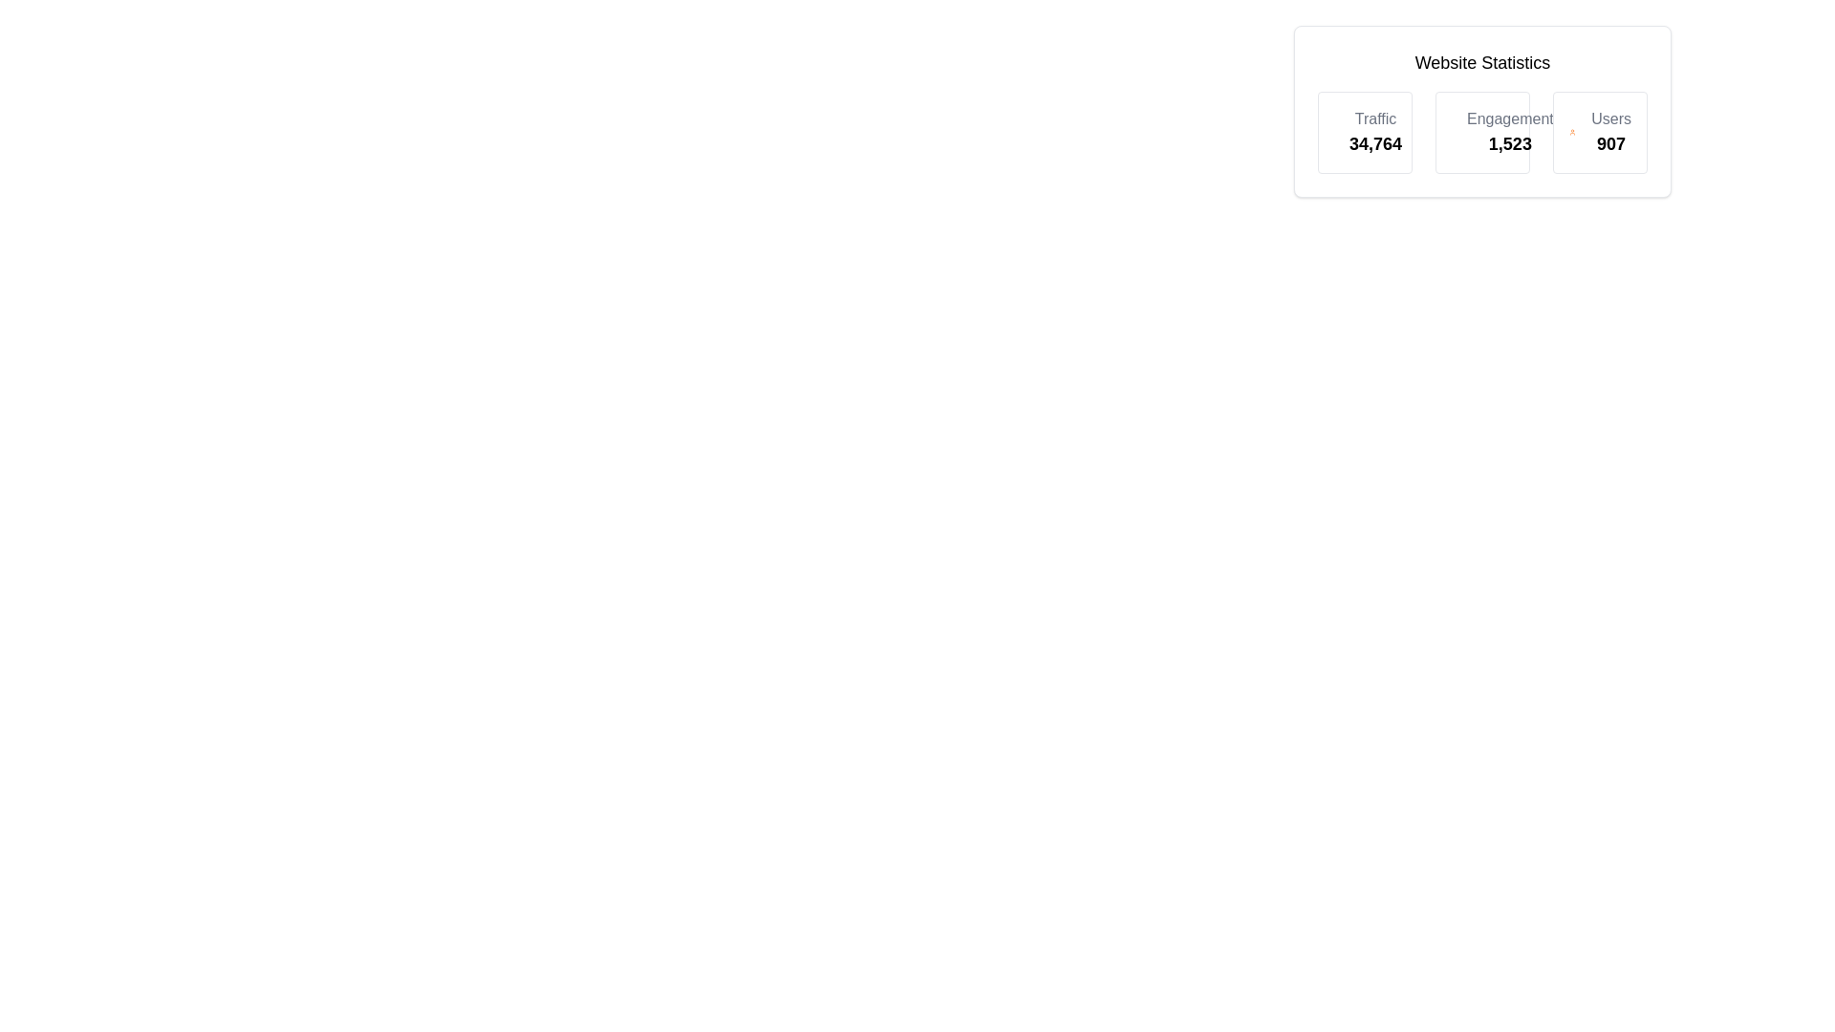  I want to click on the text label 'Users', which is styled in a smaller gray font and located above the number '907' in the statistics box, so click(1610, 118).